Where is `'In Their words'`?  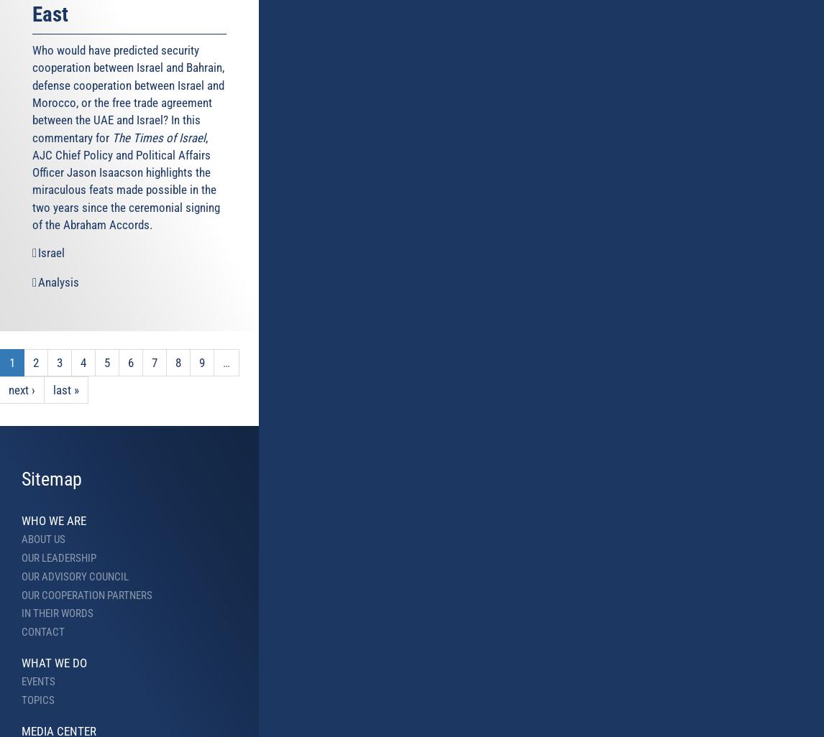 'In Their words' is located at coordinates (57, 613).